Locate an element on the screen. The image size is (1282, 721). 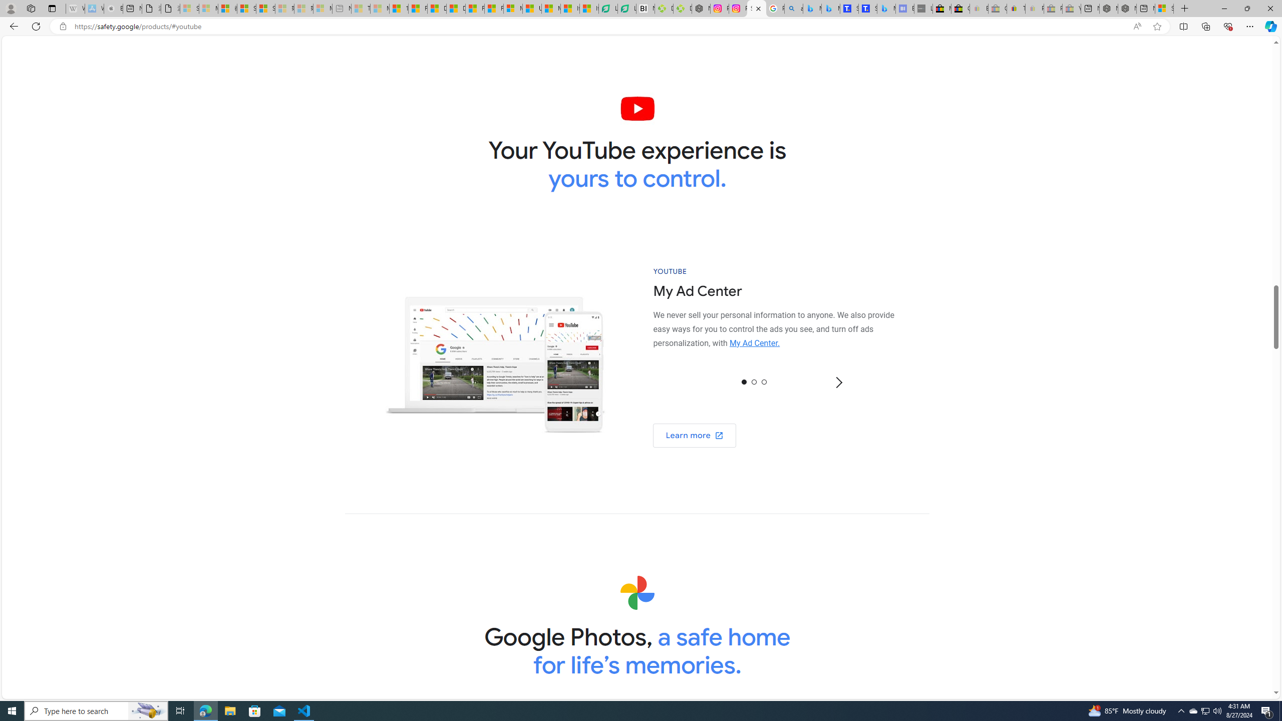
'Food and Drink - MSN' is located at coordinates (417, 8).